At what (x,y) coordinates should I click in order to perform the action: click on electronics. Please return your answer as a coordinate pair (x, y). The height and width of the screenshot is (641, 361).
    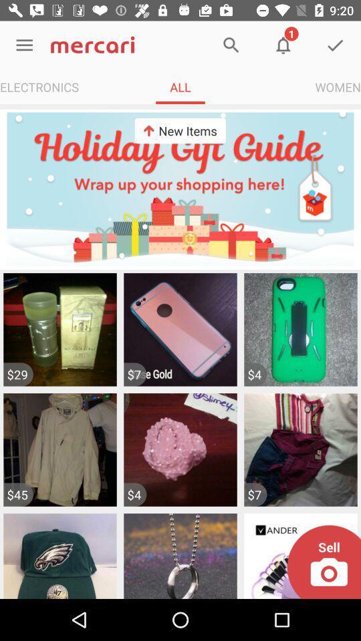
    Looking at the image, I should click on (39, 86).